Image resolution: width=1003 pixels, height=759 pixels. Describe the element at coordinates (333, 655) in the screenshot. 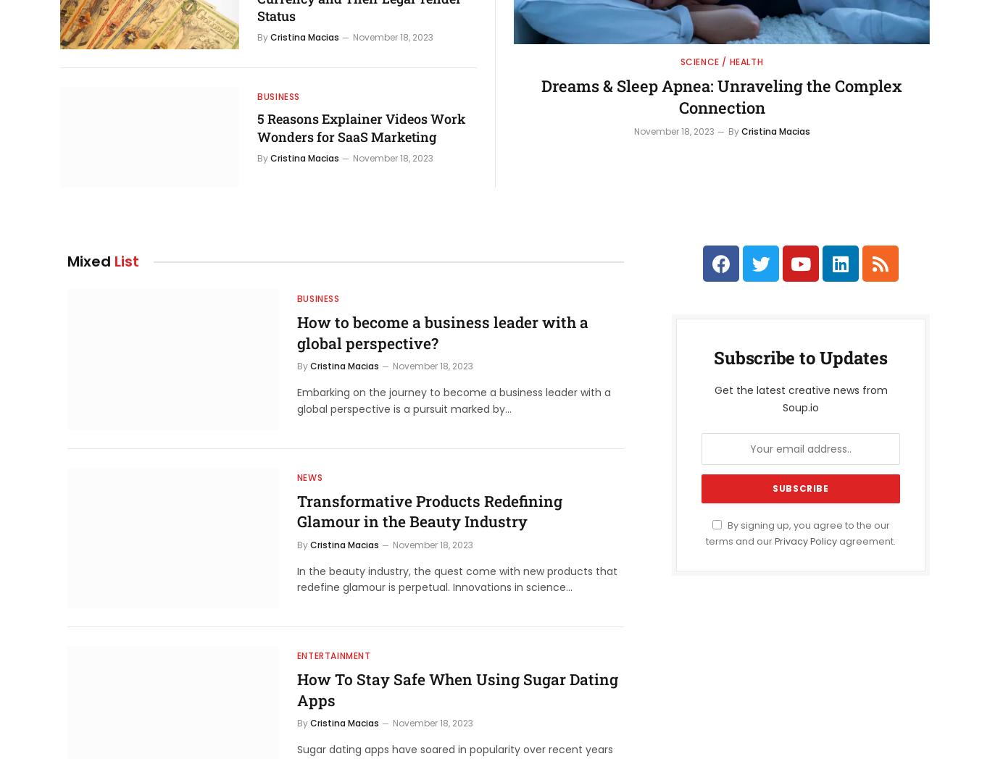

I see `'Entertainment'` at that location.